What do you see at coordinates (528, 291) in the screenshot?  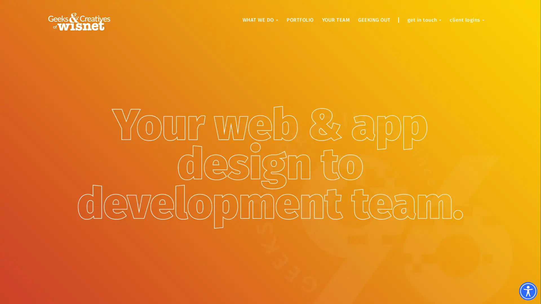 I see `Accessibility Menu` at bounding box center [528, 291].